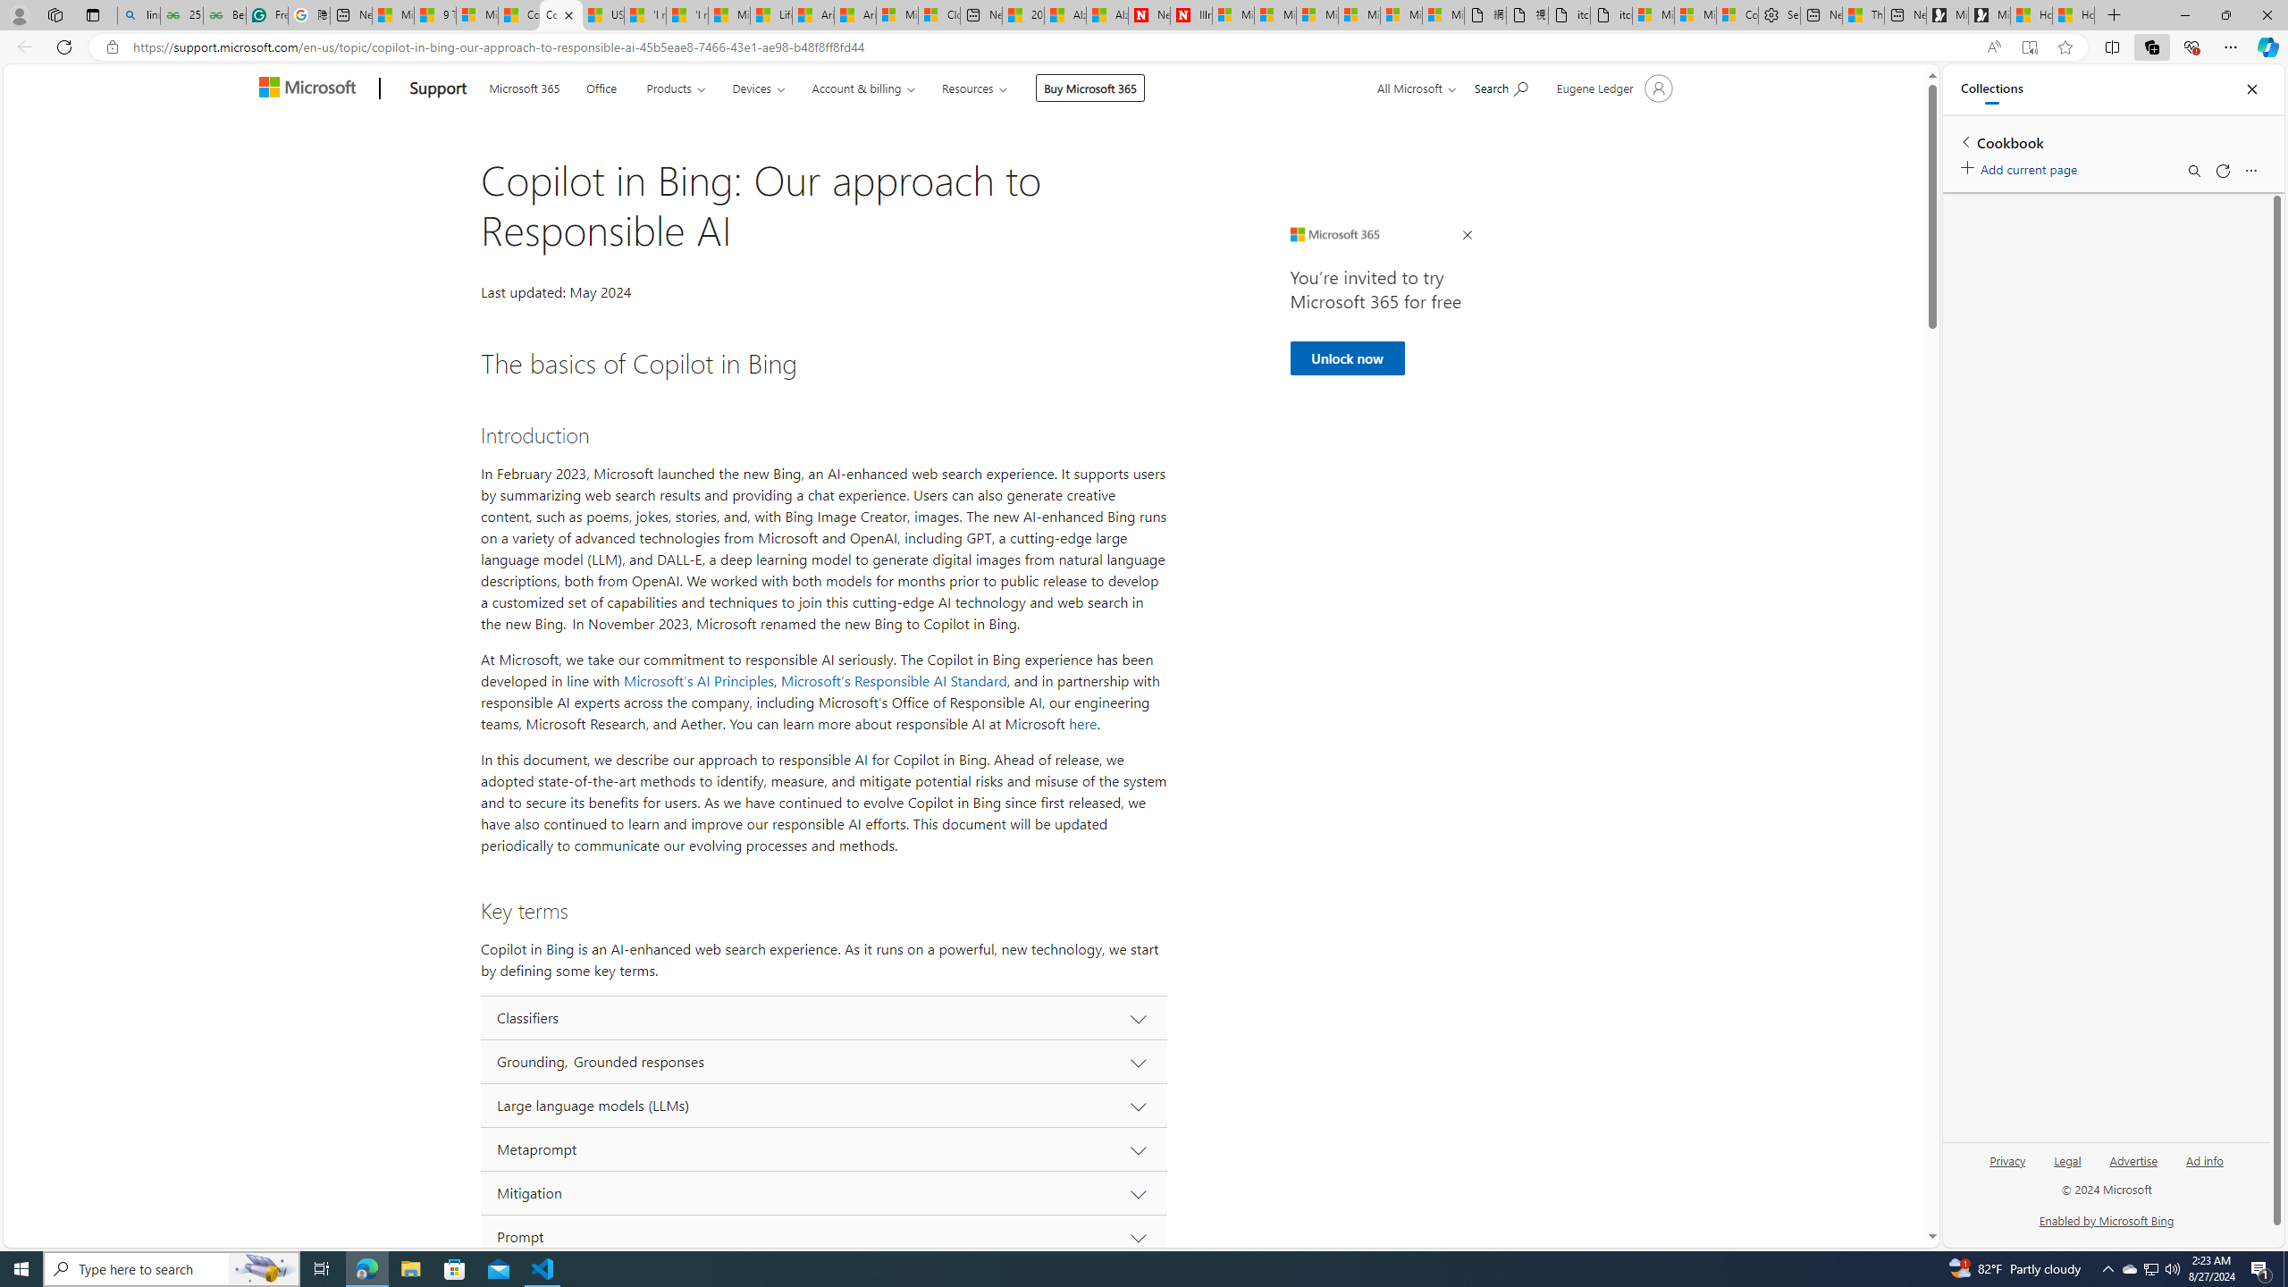 This screenshot has width=2288, height=1287. I want to click on 'USA TODAY - MSN', so click(601, 14).